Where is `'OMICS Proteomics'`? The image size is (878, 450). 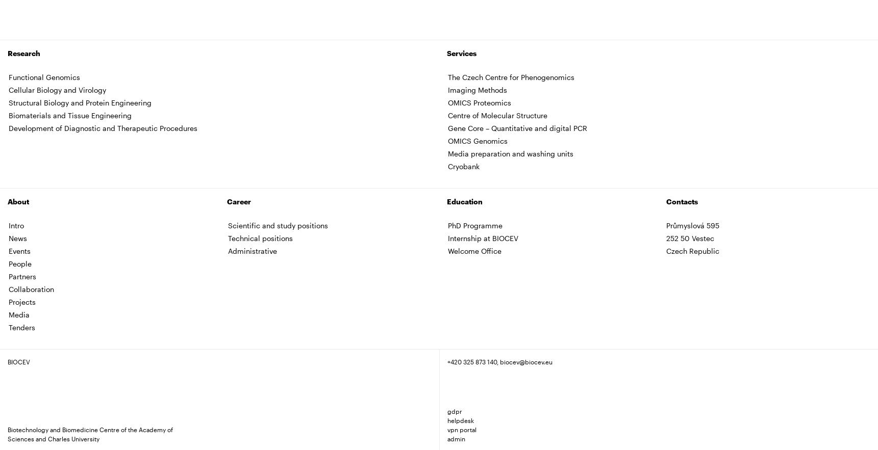
'OMICS Proteomics' is located at coordinates (478, 101).